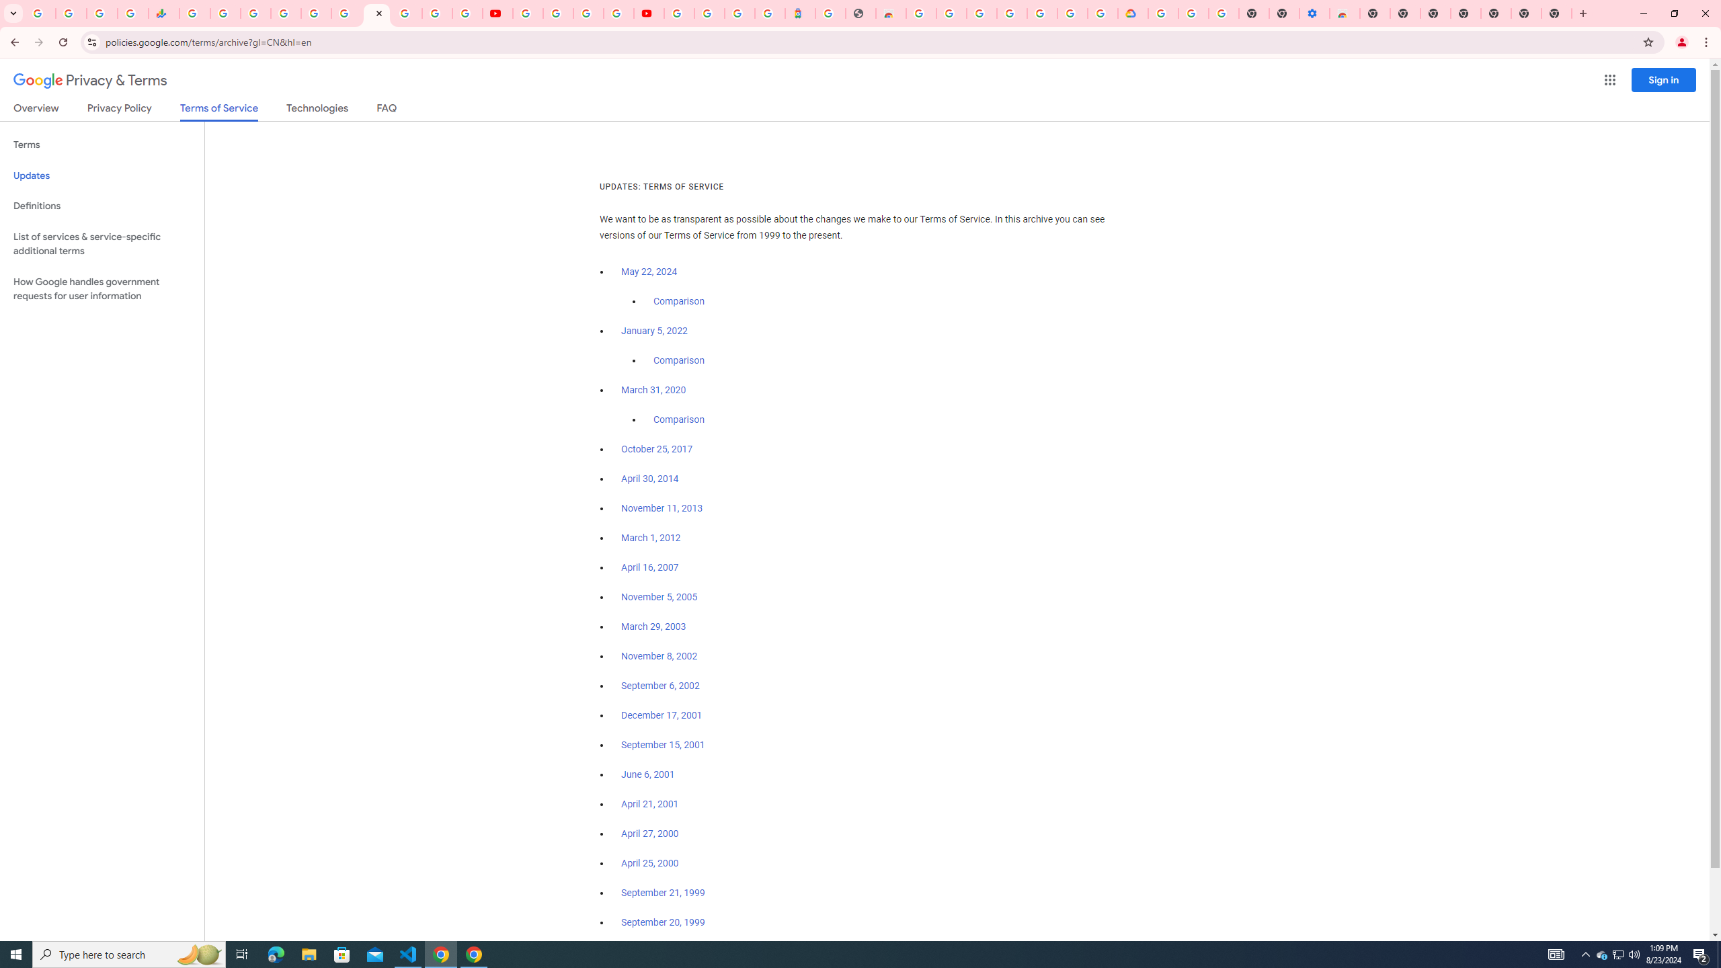 The height and width of the screenshot is (968, 1721). Describe the element at coordinates (649, 272) in the screenshot. I see `'May 22, 2024'` at that location.